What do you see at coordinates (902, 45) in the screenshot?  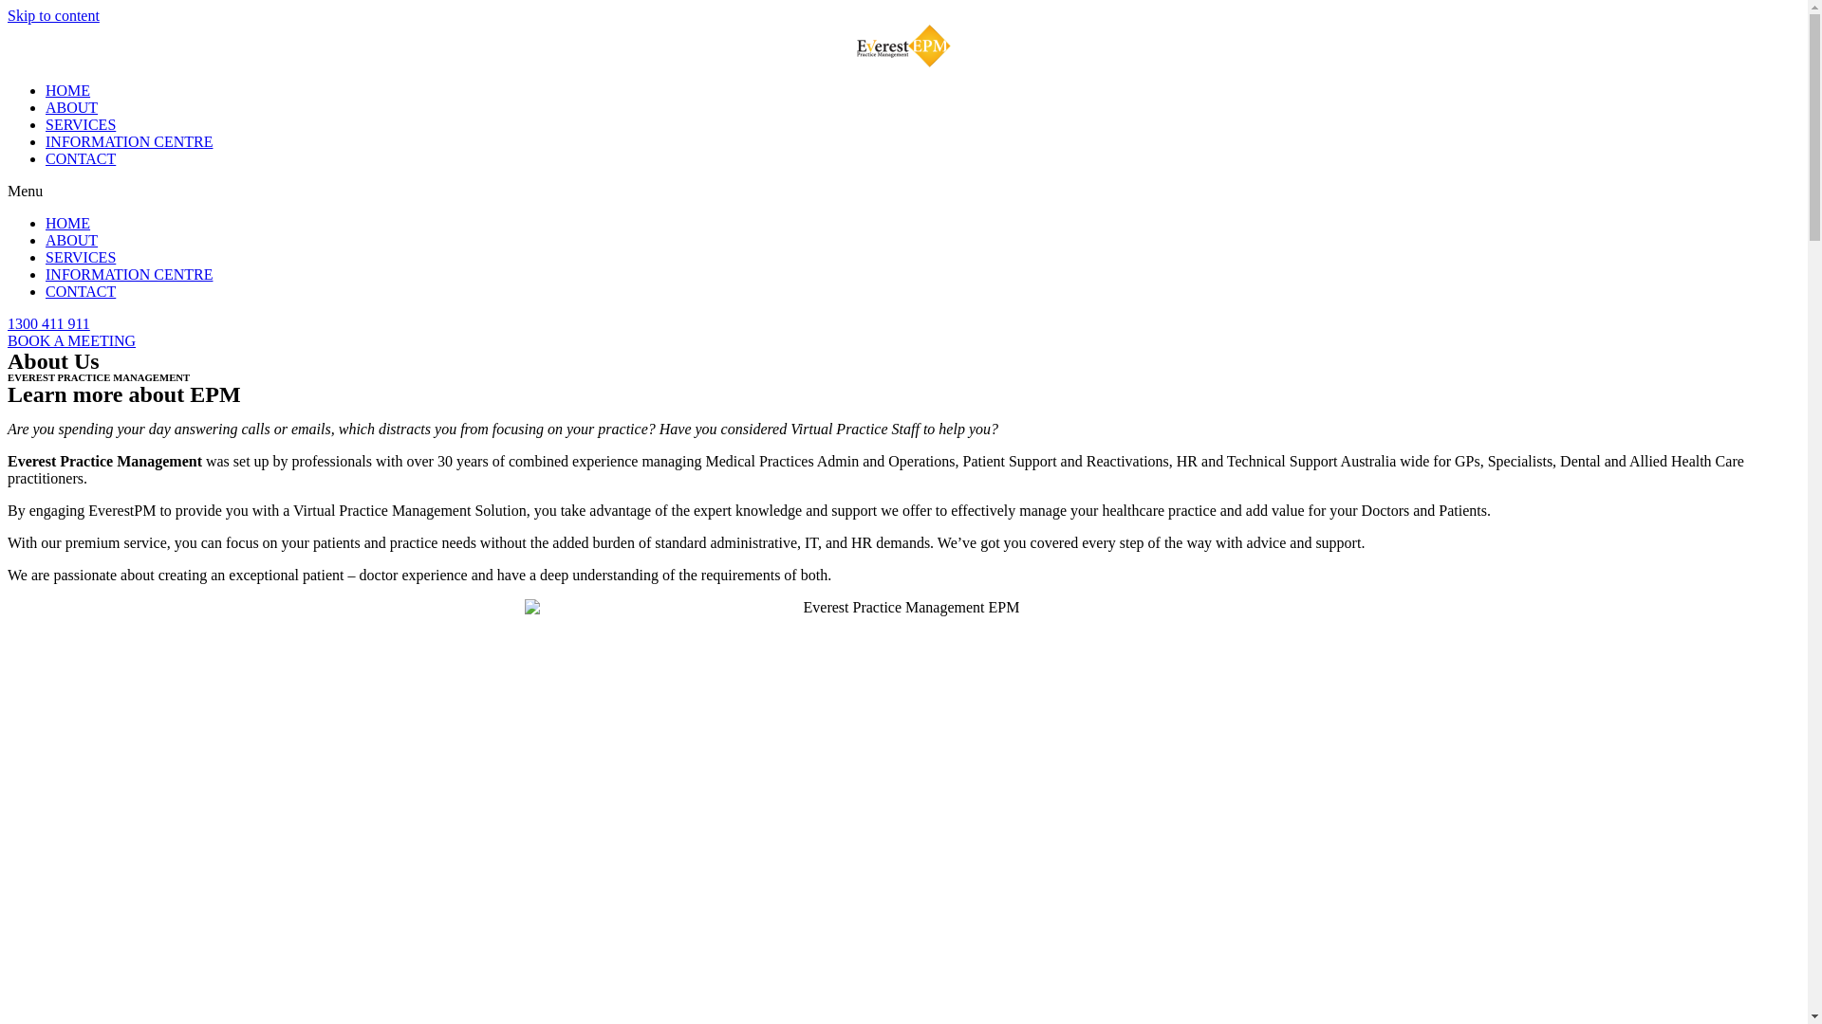 I see `'Virtual Medical Receptionist Everest PM Logo'` at bounding box center [902, 45].